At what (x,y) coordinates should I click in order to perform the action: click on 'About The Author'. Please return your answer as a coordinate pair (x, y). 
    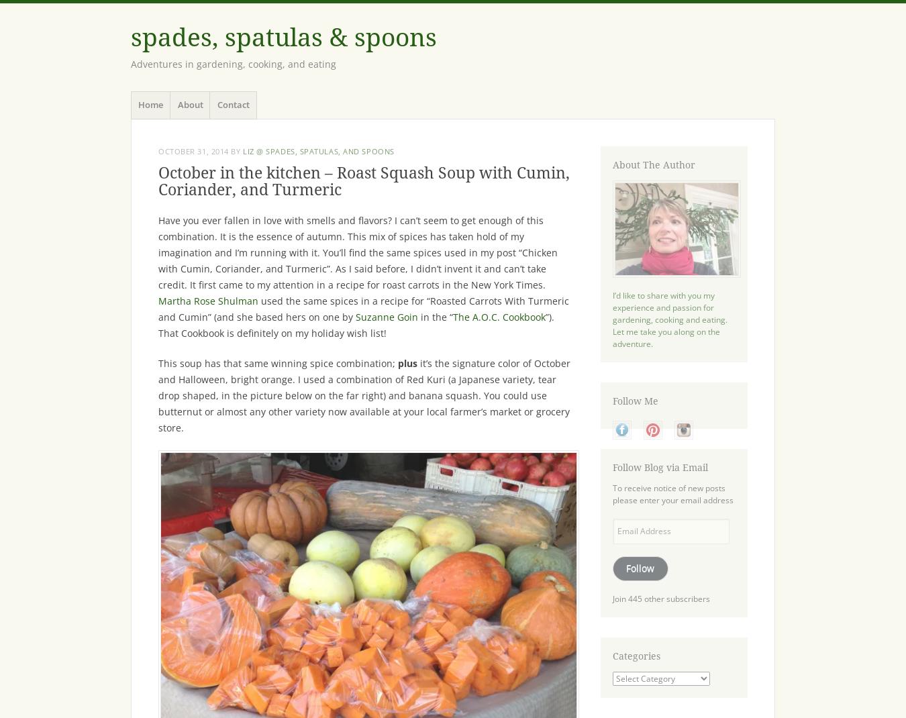
    Looking at the image, I should click on (652, 164).